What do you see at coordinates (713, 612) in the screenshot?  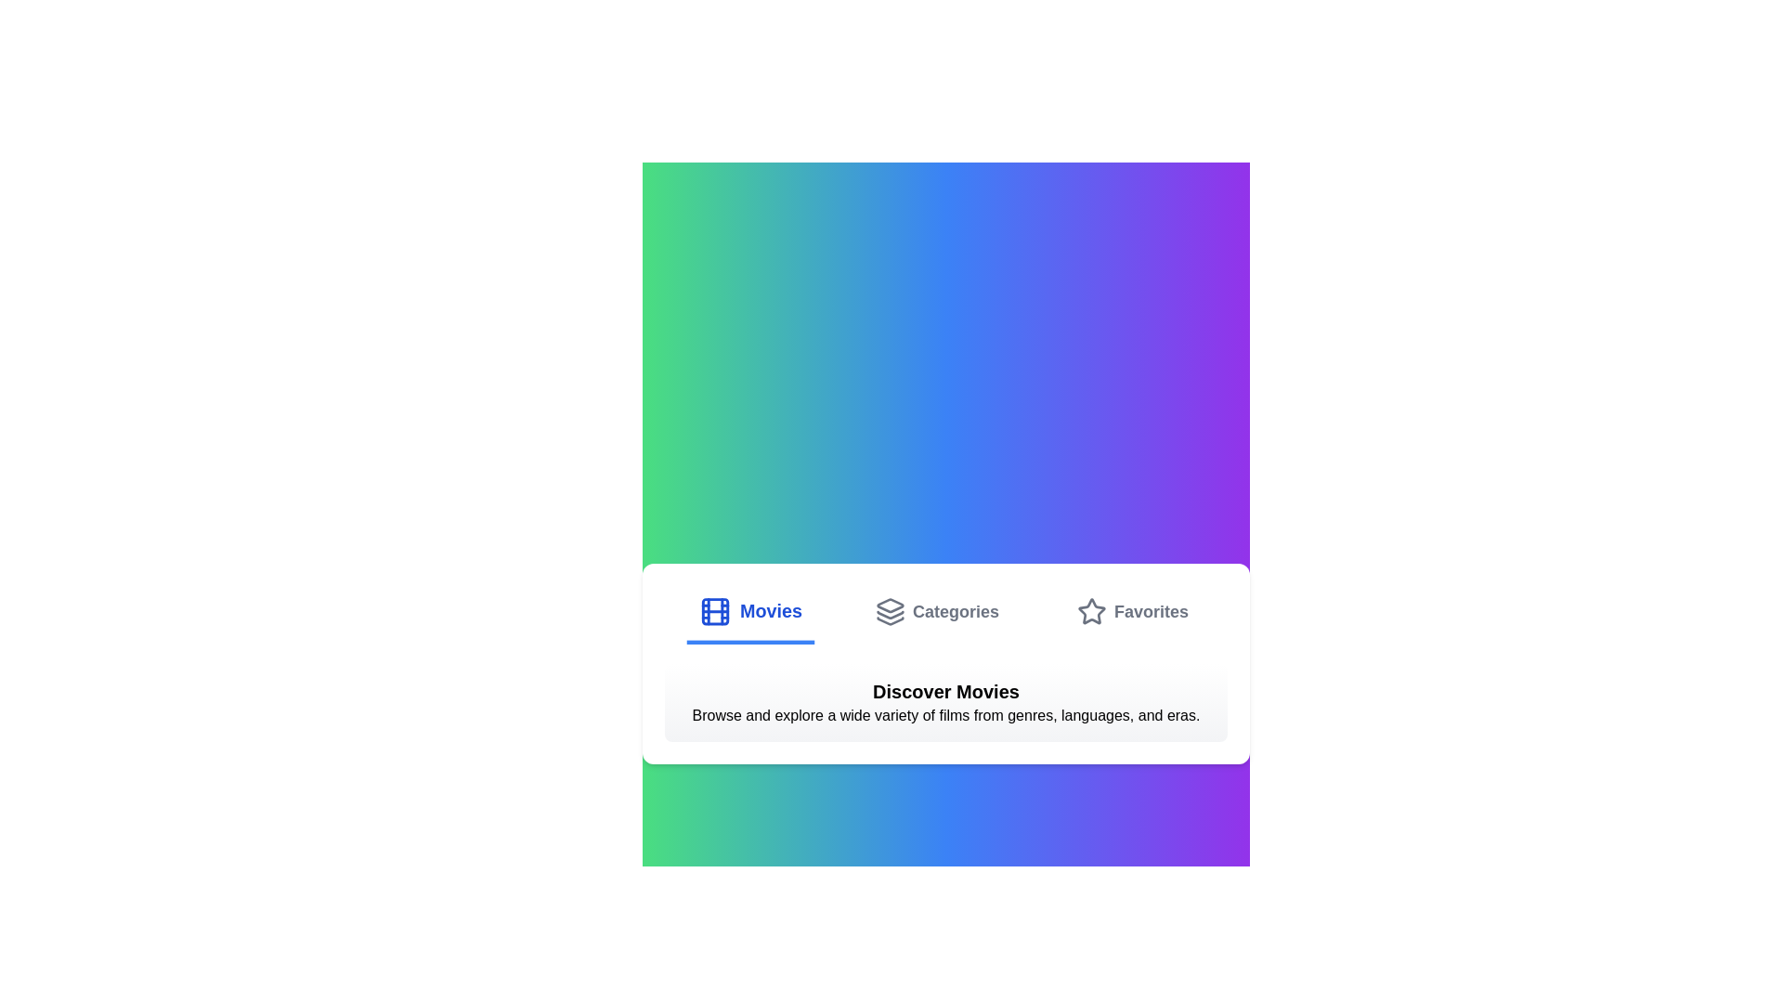 I see `the tab icon corresponding to Movies` at bounding box center [713, 612].